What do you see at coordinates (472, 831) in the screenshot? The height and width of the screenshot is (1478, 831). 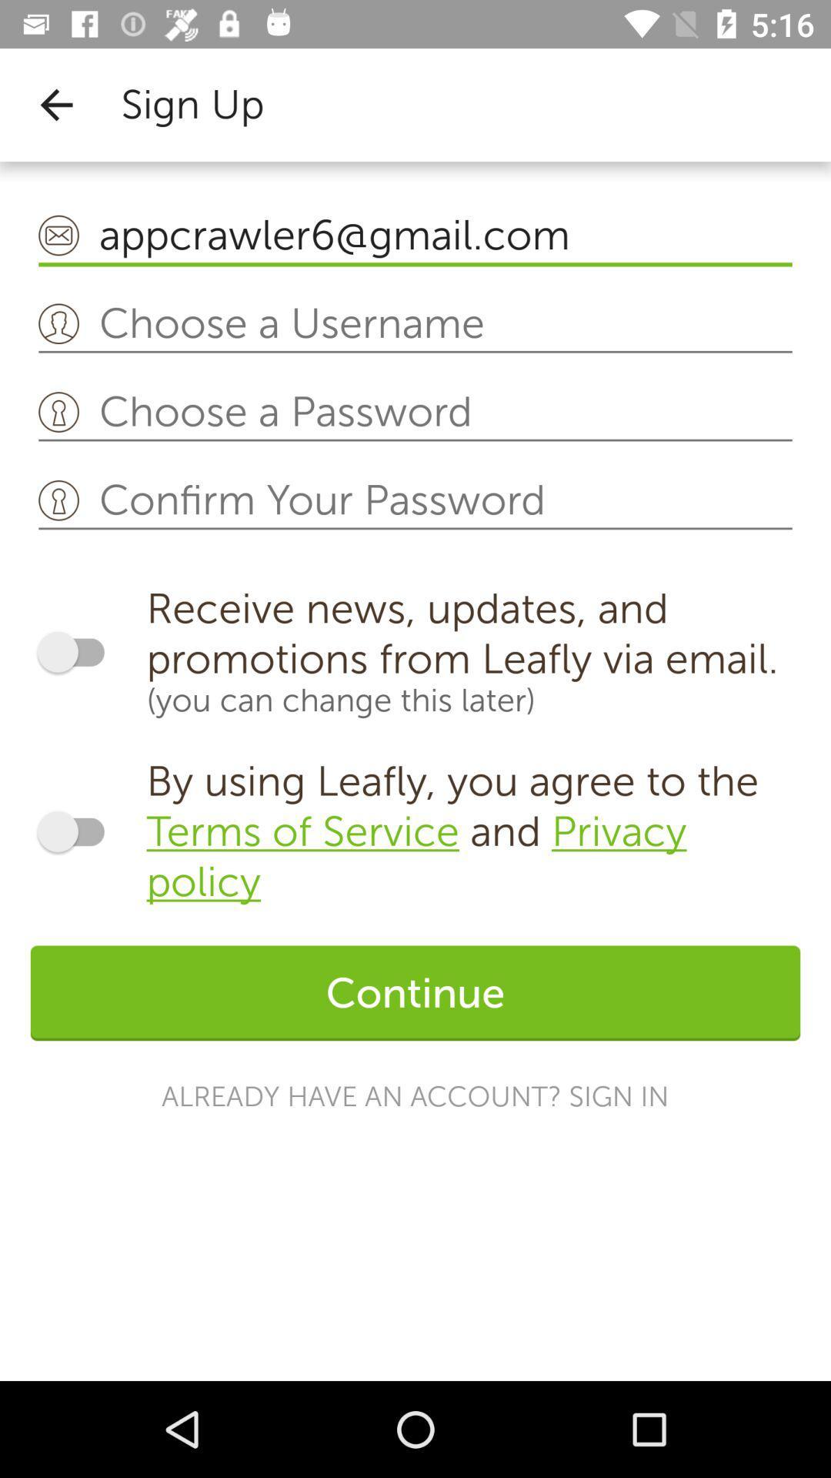 I see `icon below you can change icon` at bounding box center [472, 831].